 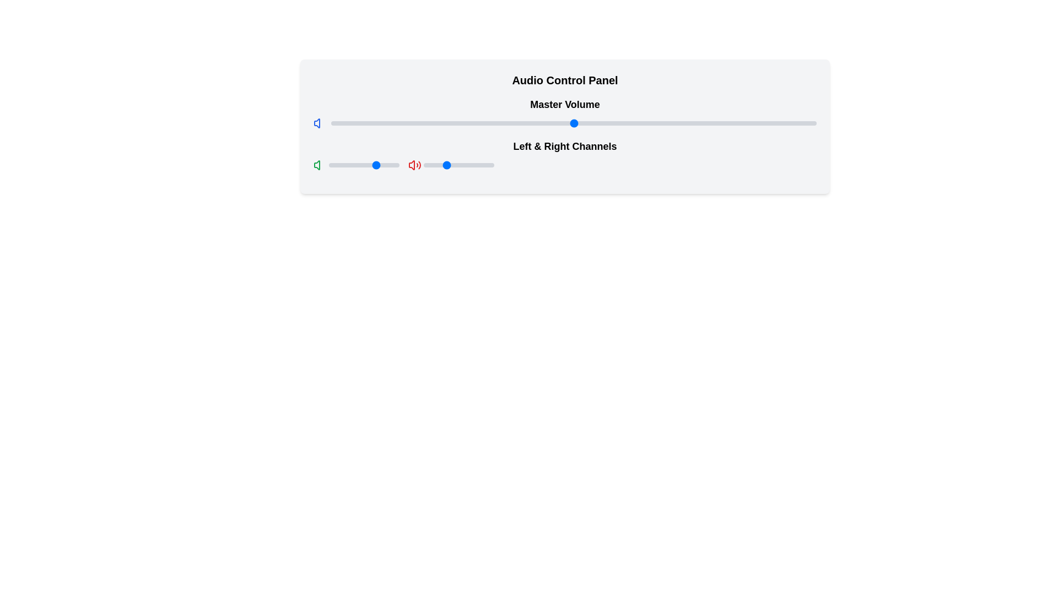 What do you see at coordinates (385, 165) in the screenshot?
I see `the left-right channel balance` at bounding box center [385, 165].